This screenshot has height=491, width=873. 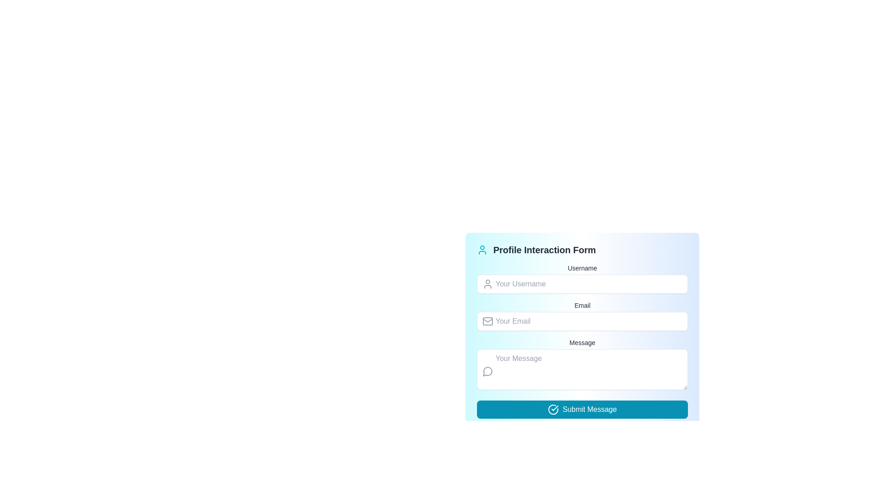 What do you see at coordinates (582, 305) in the screenshot?
I see `the text label displaying 'Email', which is styled in dark gray and positioned above the email input field in the profile interaction form` at bounding box center [582, 305].